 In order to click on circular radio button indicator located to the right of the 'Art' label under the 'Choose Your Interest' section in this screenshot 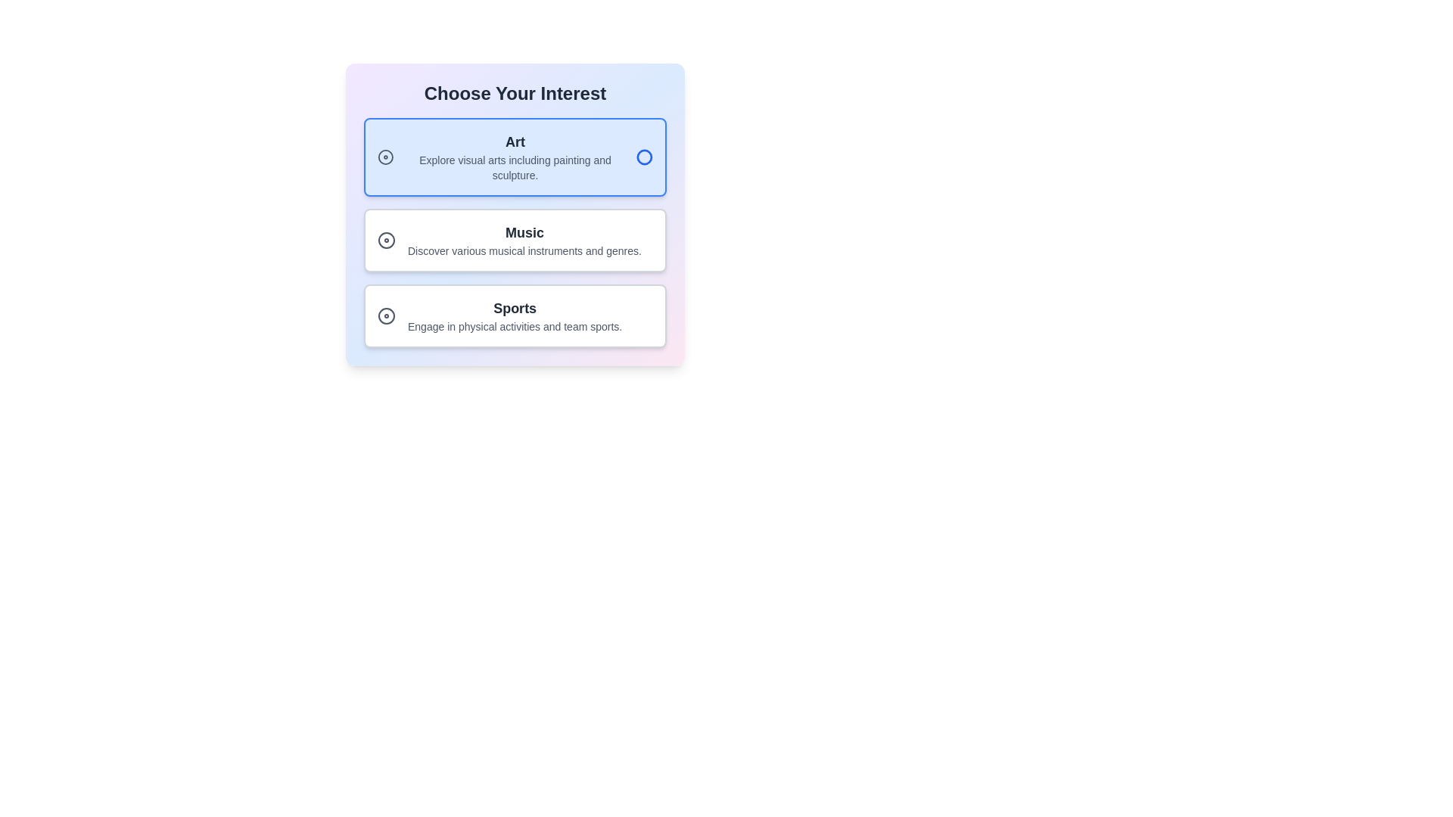, I will do `click(645, 157)`.